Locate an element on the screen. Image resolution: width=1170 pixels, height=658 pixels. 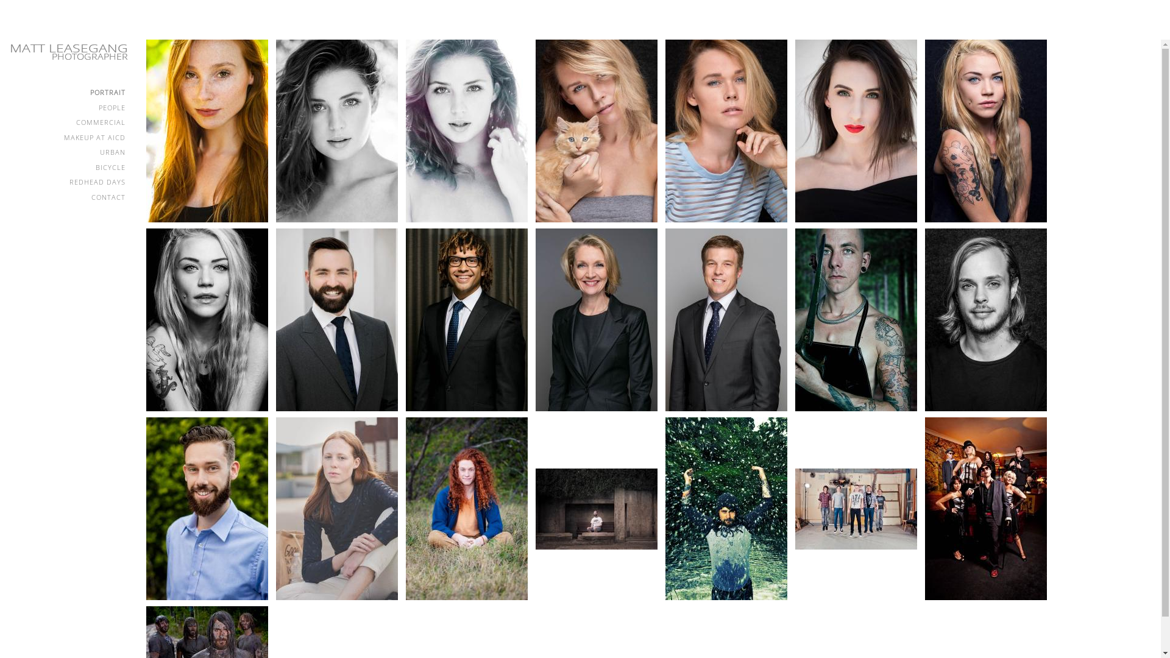
'URBAN' is located at coordinates (66, 152).